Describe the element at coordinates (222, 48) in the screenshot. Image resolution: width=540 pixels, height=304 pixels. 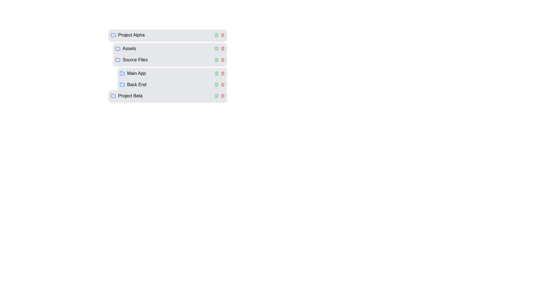
I see `the rightmost delete icon in the row for 'Assets'` at that location.